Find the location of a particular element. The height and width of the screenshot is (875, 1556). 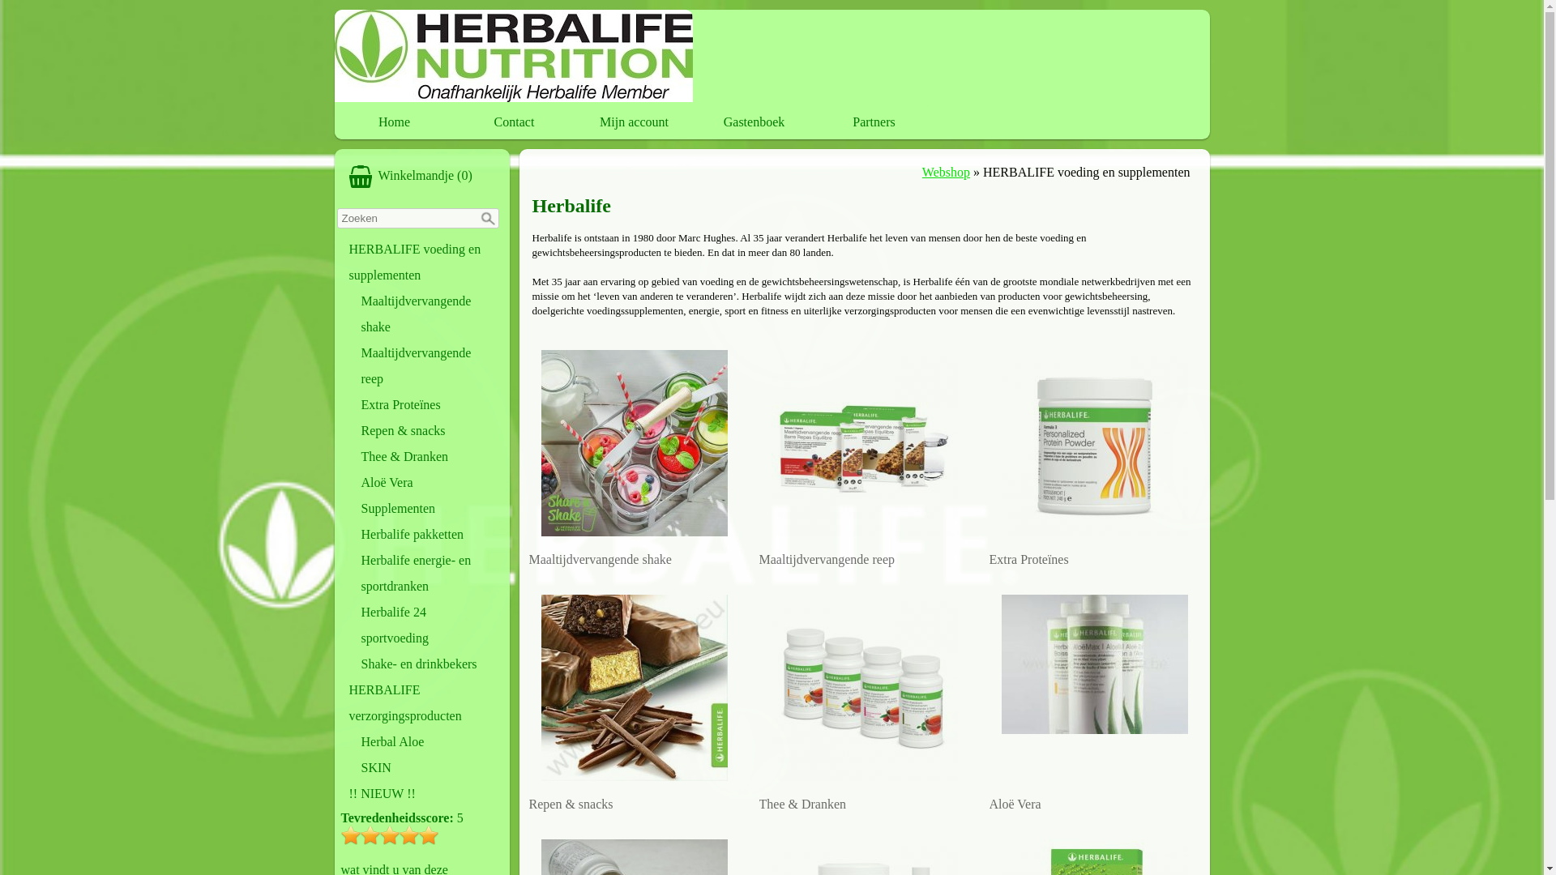

'Partners' is located at coordinates (874, 121).